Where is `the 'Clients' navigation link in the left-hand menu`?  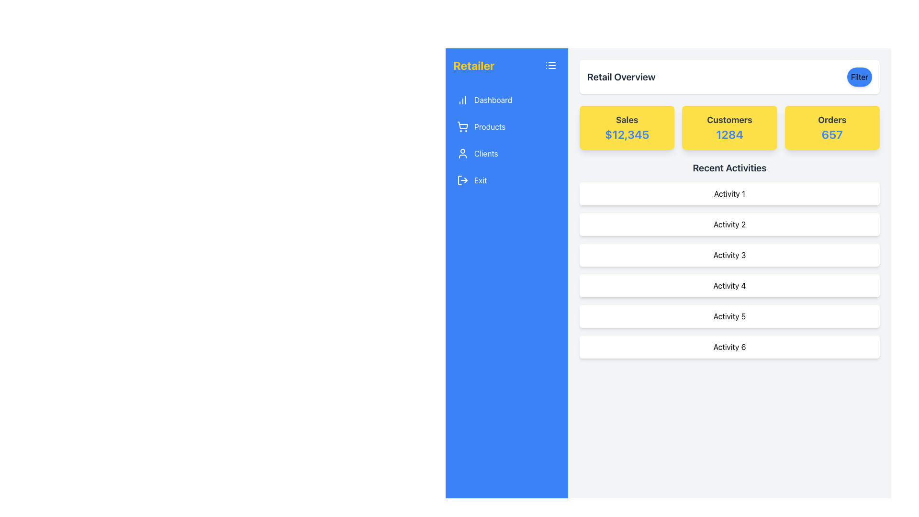 the 'Clients' navigation link in the left-hand menu is located at coordinates (486, 153).